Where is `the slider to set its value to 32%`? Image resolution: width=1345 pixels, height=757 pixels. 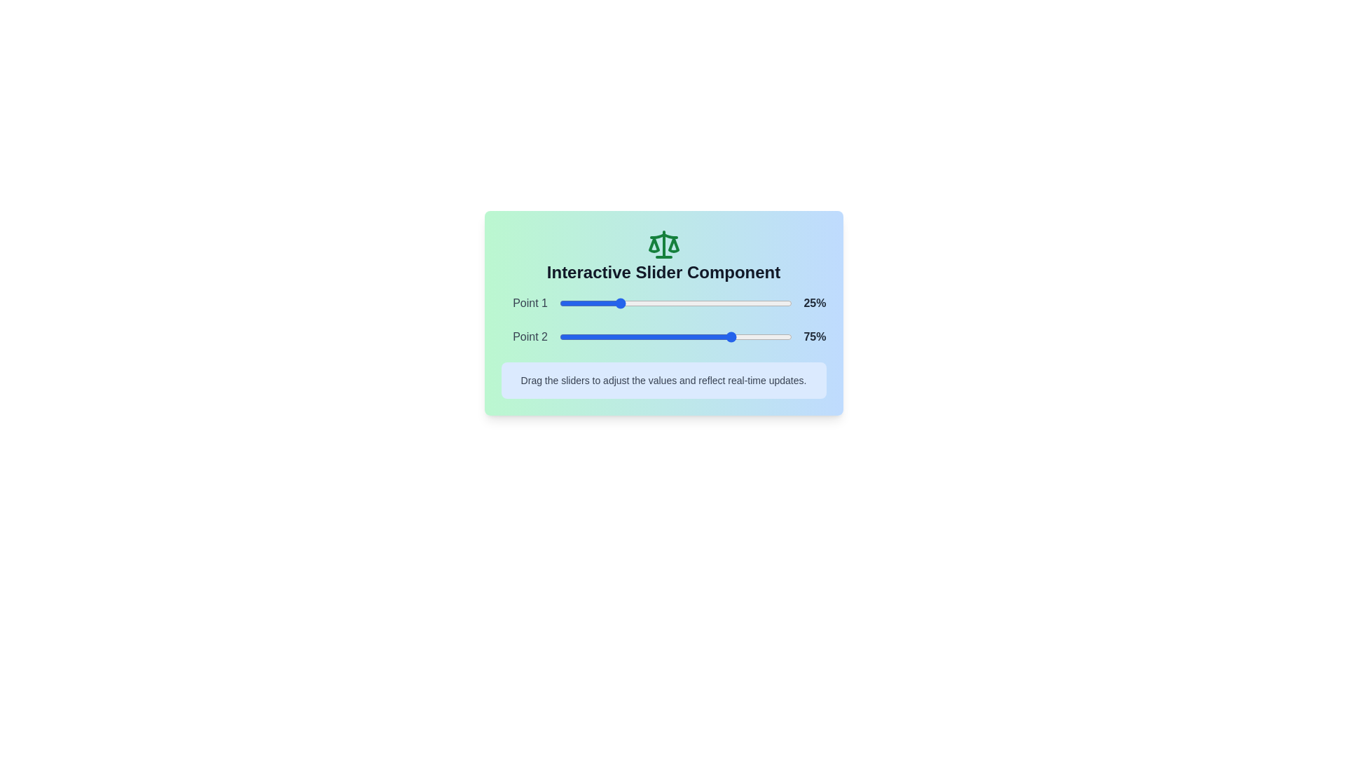
the slider to set its value to 32% is located at coordinates (633, 302).